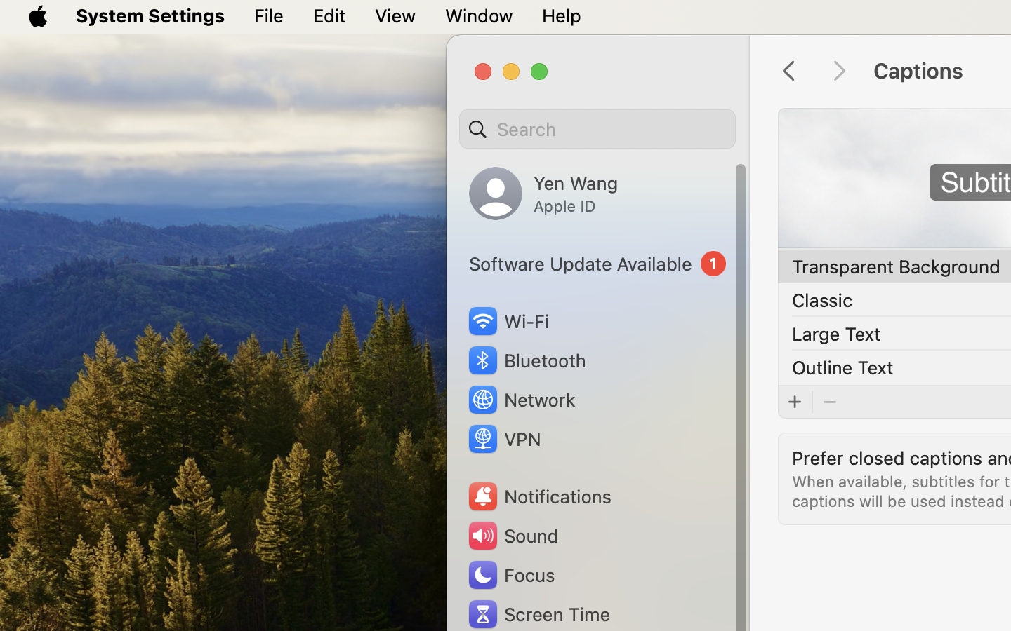 The image size is (1011, 631). What do you see at coordinates (510, 574) in the screenshot?
I see `'Focus'` at bounding box center [510, 574].